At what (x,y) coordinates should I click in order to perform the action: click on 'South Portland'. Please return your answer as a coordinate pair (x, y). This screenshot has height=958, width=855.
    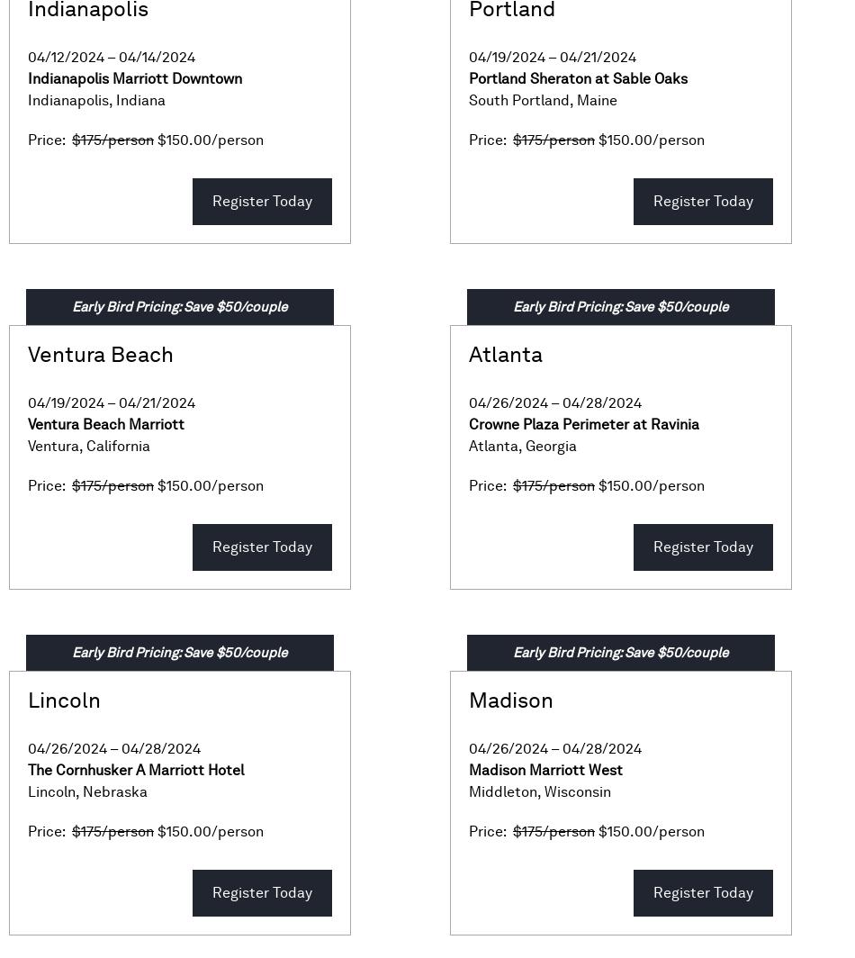
    Looking at the image, I should click on (519, 100).